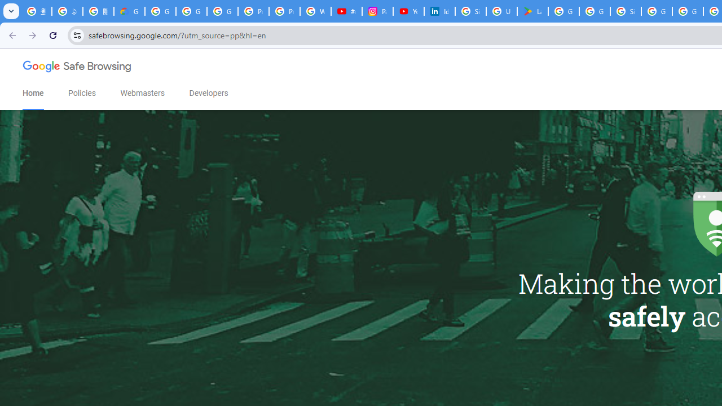 The width and height of the screenshot is (722, 406). What do you see at coordinates (532, 11) in the screenshot?
I see `'Last Shelter: Survival - Apps on Google Play'` at bounding box center [532, 11].